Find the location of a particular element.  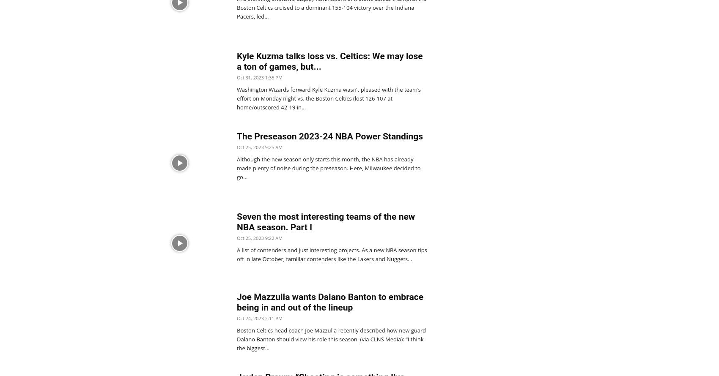

'Oct 24, 2023 2:11 PM' is located at coordinates (259, 318).